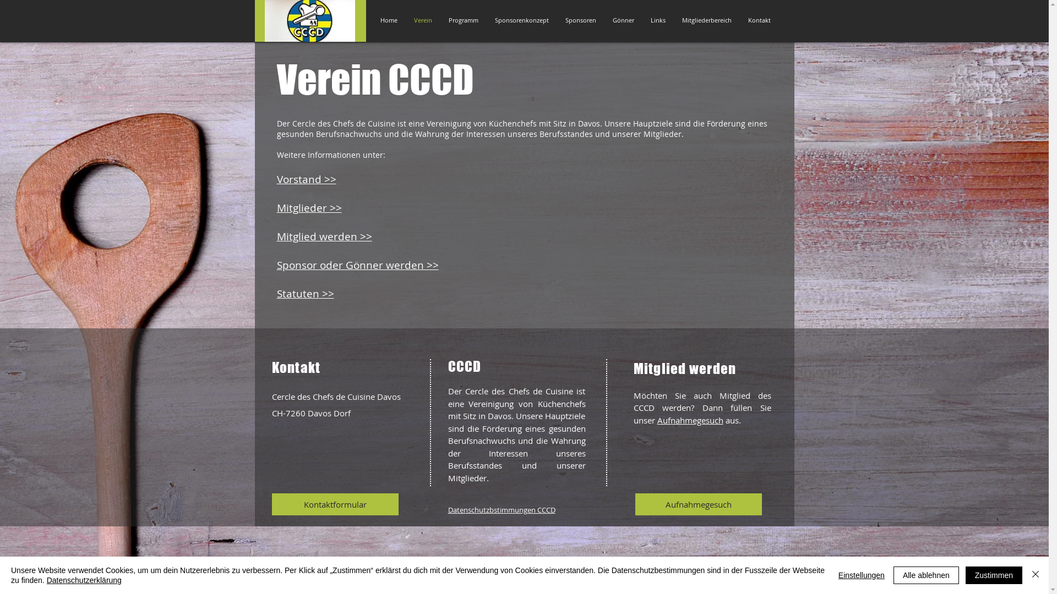 The width and height of the screenshot is (1057, 594). I want to click on 'Home', so click(389, 20).